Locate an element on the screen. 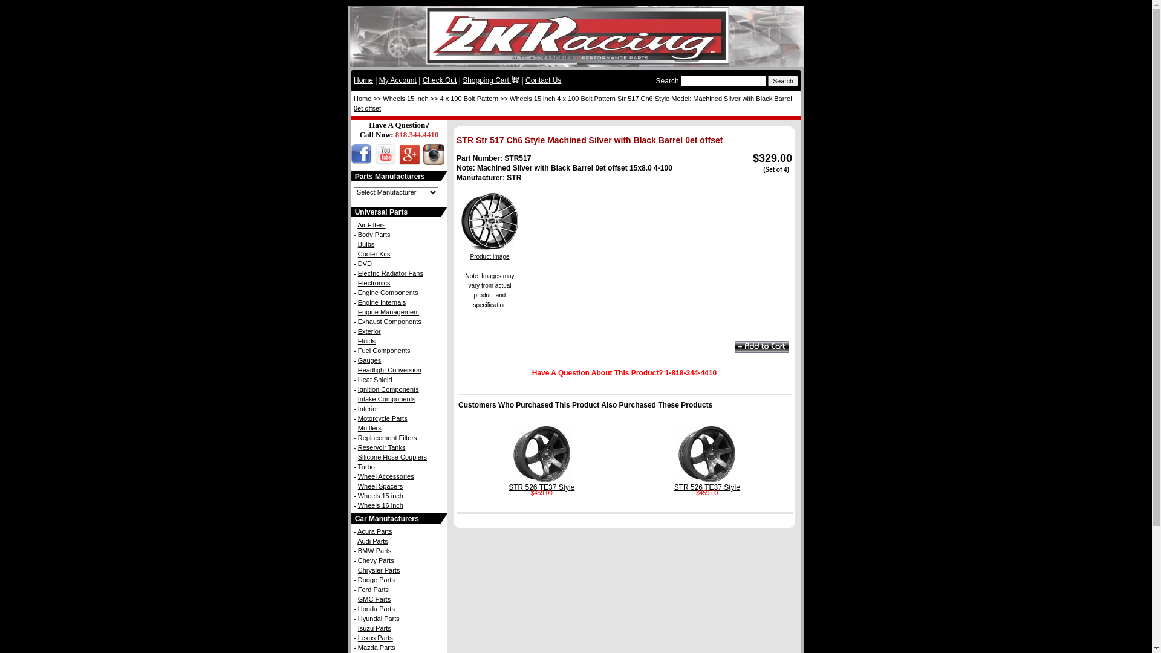 Image resolution: width=1161 pixels, height=653 pixels. 'Gauges' is located at coordinates (369, 360).